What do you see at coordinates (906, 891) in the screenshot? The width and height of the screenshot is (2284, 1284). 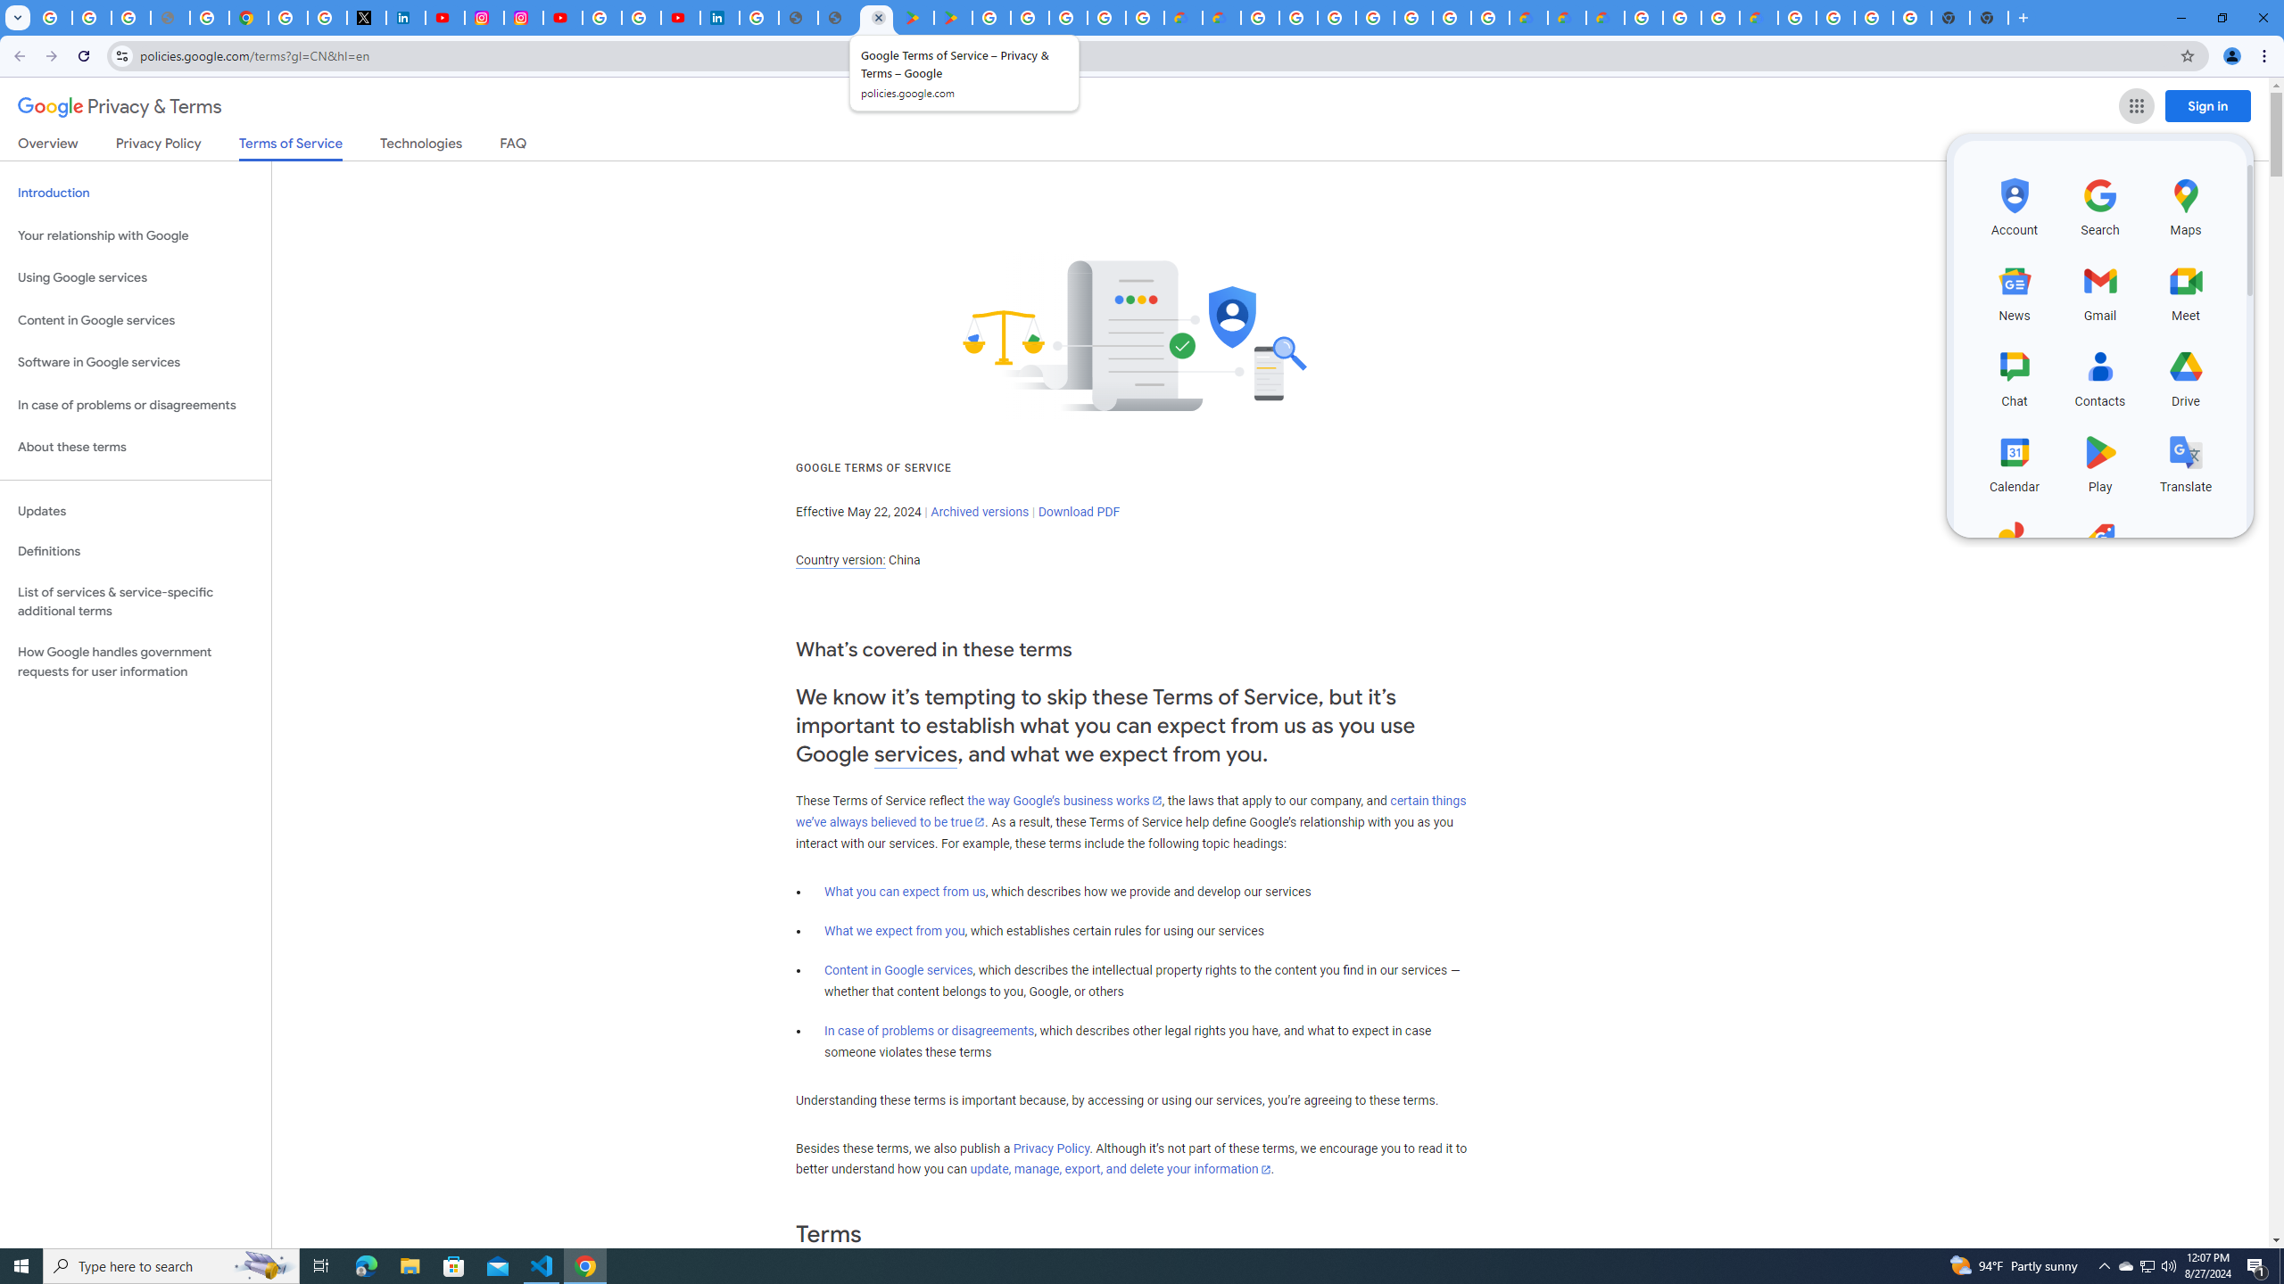 I see `'What you can expect from us'` at bounding box center [906, 891].